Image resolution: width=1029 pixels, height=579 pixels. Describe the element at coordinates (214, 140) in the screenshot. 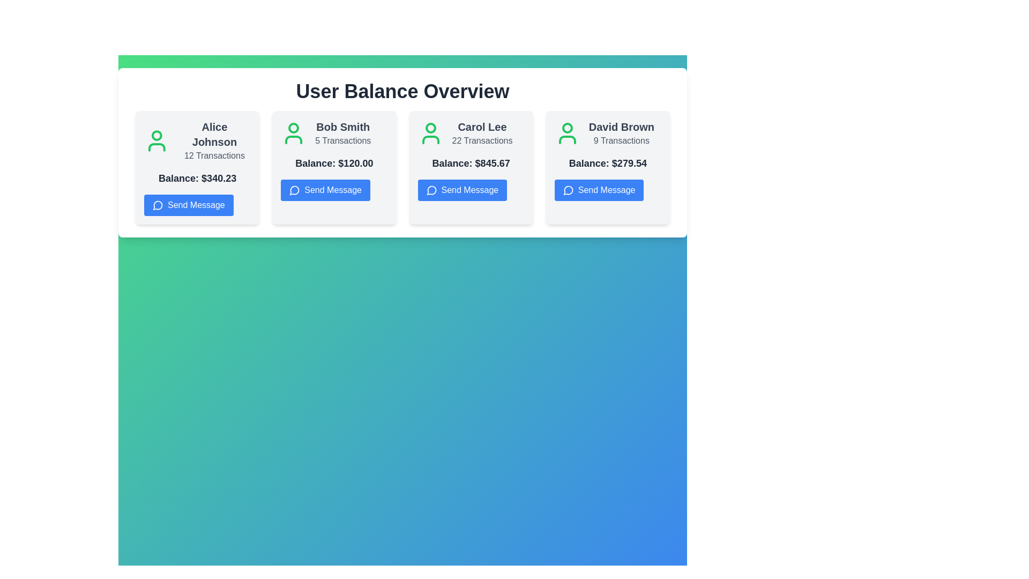

I see `the 'Alice Johnson' text display` at that location.